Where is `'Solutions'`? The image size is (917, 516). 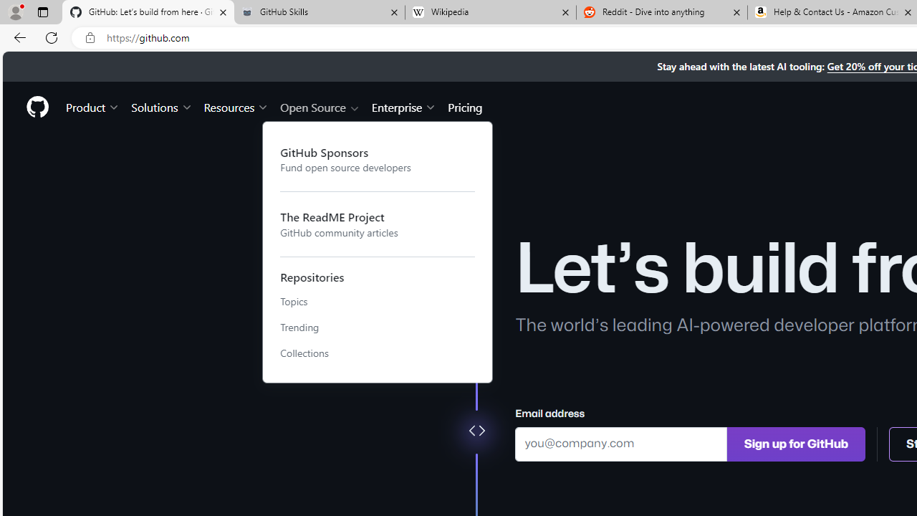 'Solutions' is located at coordinates (161, 106).